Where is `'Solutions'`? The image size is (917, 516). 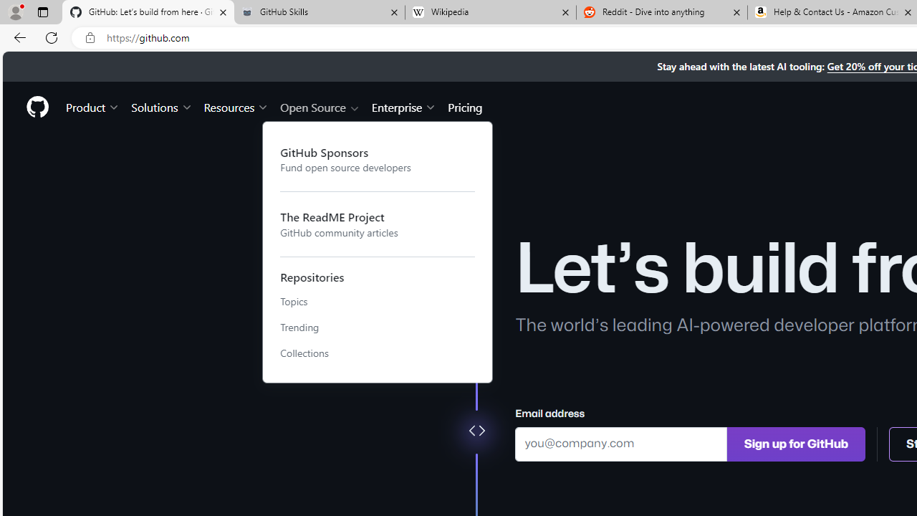 'Solutions' is located at coordinates (161, 106).